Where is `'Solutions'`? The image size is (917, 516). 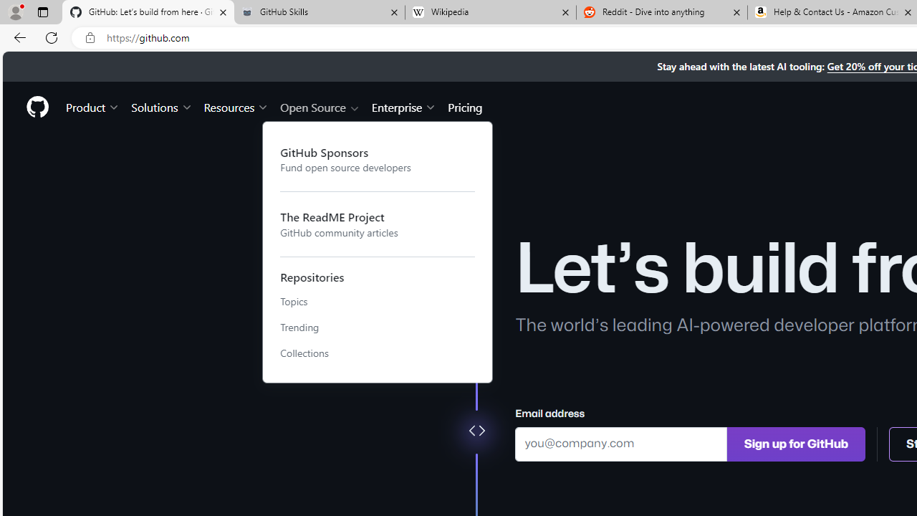 'Solutions' is located at coordinates (161, 106).